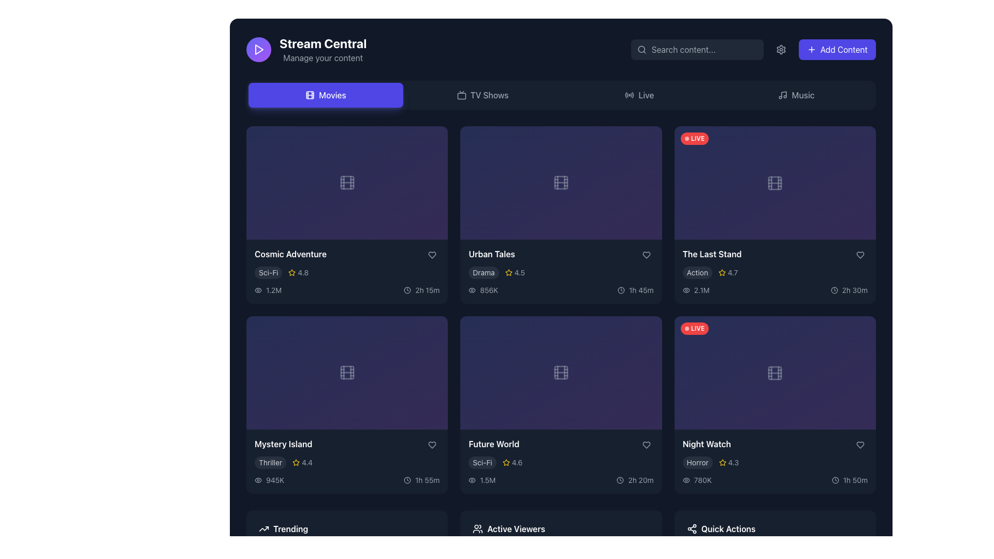 Image resolution: width=994 pixels, height=559 pixels. I want to click on the Text label with an icon that displays the runtime of the 'Future World' video content, located in the bottom-right corner of the card layout, so click(635, 480).